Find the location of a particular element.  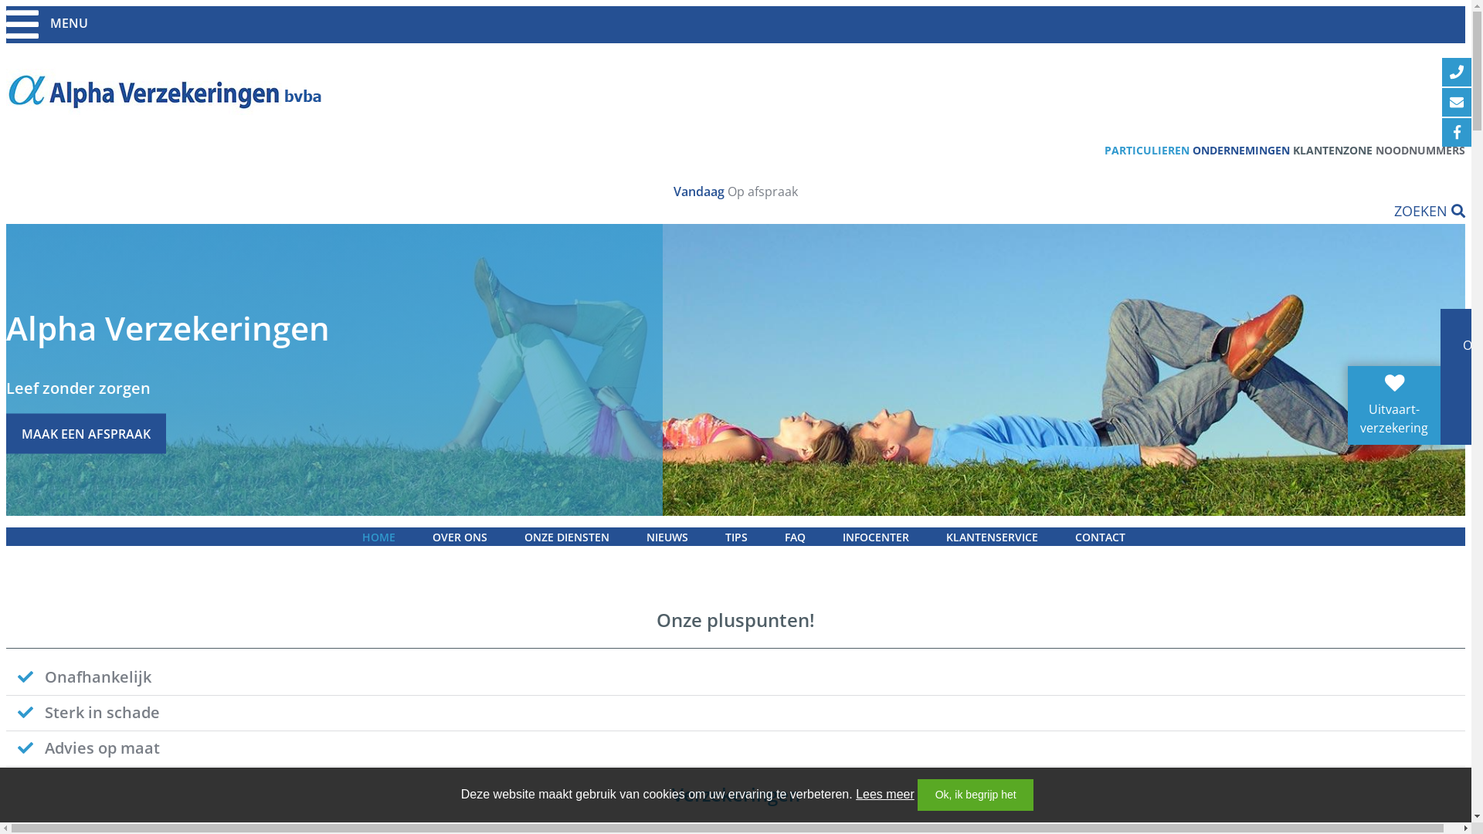

'CONTACT' is located at coordinates (1099, 536).